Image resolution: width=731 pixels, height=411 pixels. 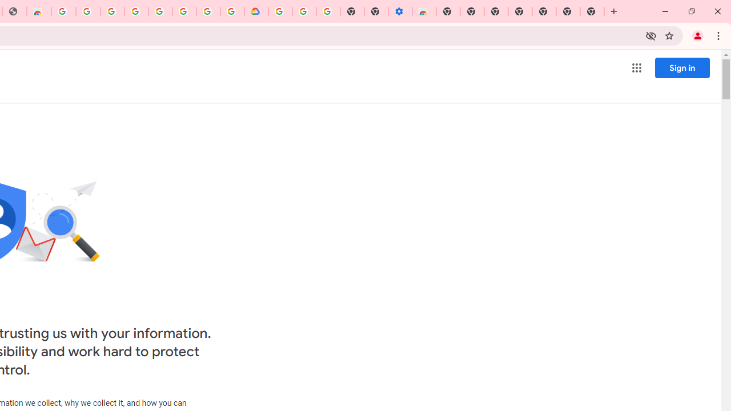 What do you see at coordinates (328, 11) in the screenshot?
I see `'Turn cookies on or off - Computer - Google Account Help'` at bounding box center [328, 11].